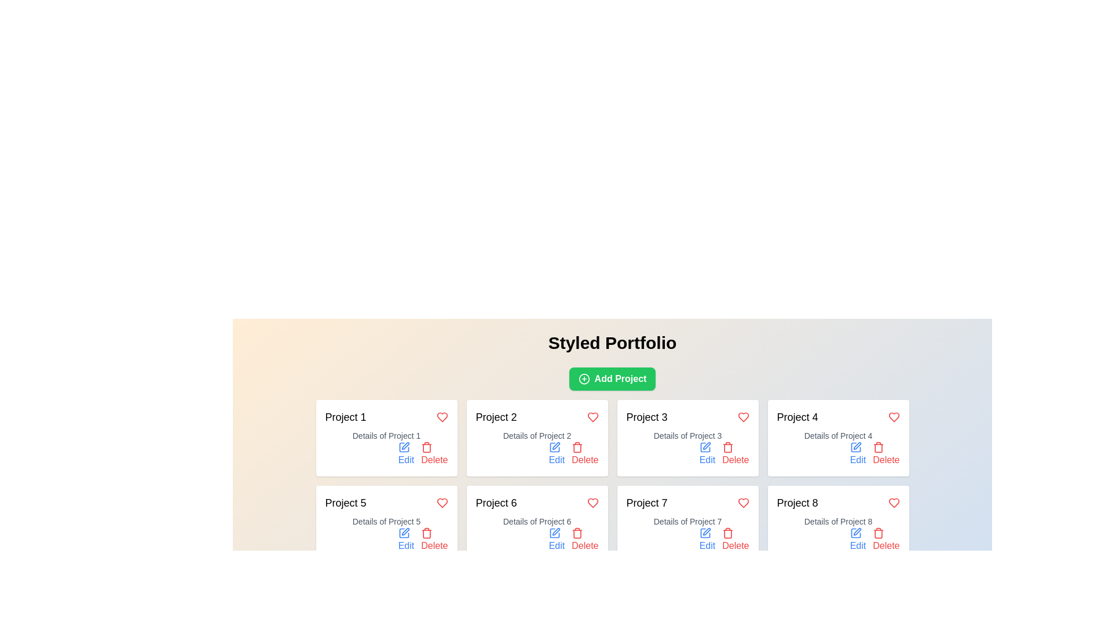  What do you see at coordinates (345, 417) in the screenshot?
I see `the text label displaying 'Project 1', which is styled in bold and larger font within the top-left corner of a card in a grid layout` at bounding box center [345, 417].